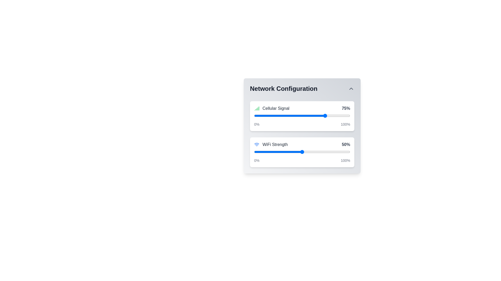  What do you see at coordinates (300, 115) in the screenshot?
I see `the Cellular Signal strength` at bounding box center [300, 115].